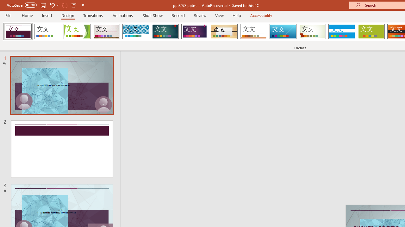 The width and height of the screenshot is (405, 227). What do you see at coordinates (18, 32) in the screenshot?
I see `'Dividend'` at bounding box center [18, 32].